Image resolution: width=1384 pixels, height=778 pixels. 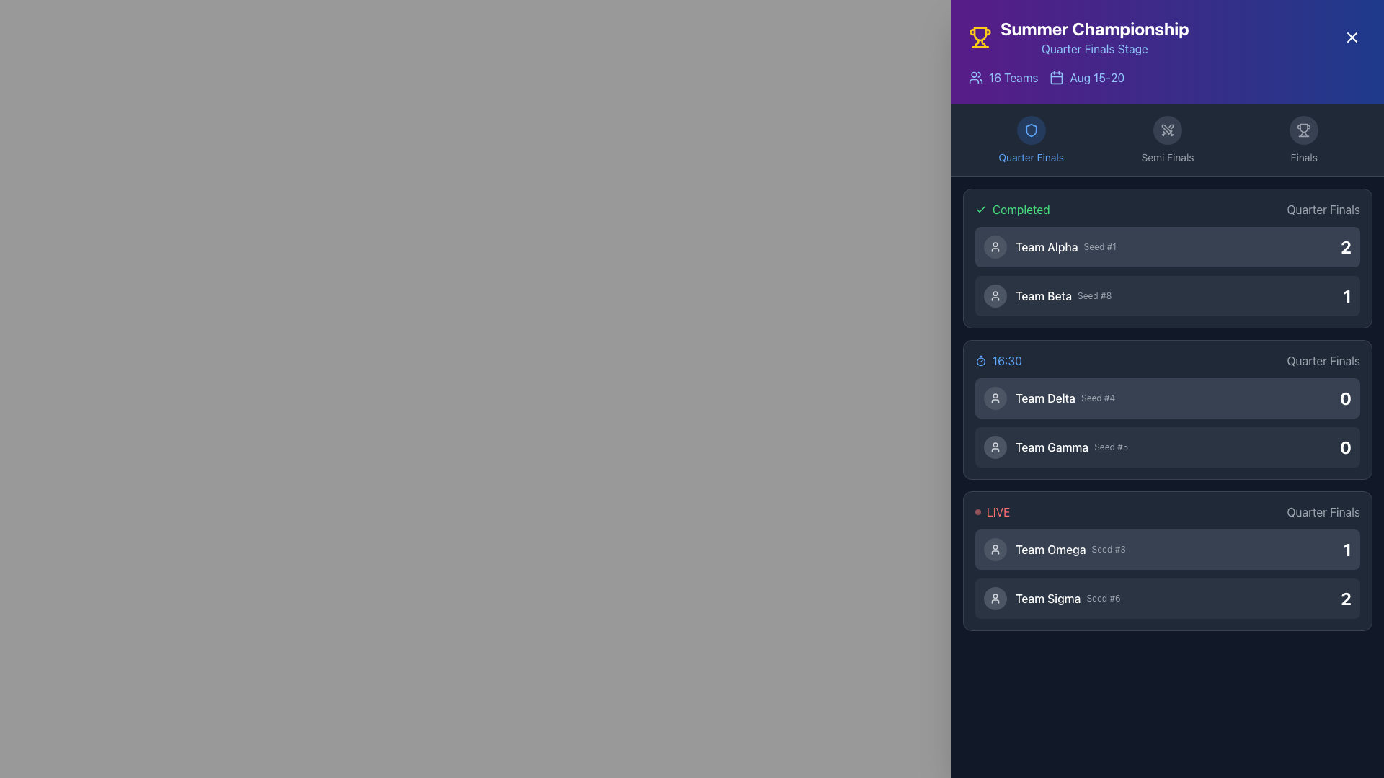 I want to click on the Text Label indicating the stage of the event associated with the match details, which is positioned to the right of the time '16:30' in the match details section, so click(x=1323, y=360).